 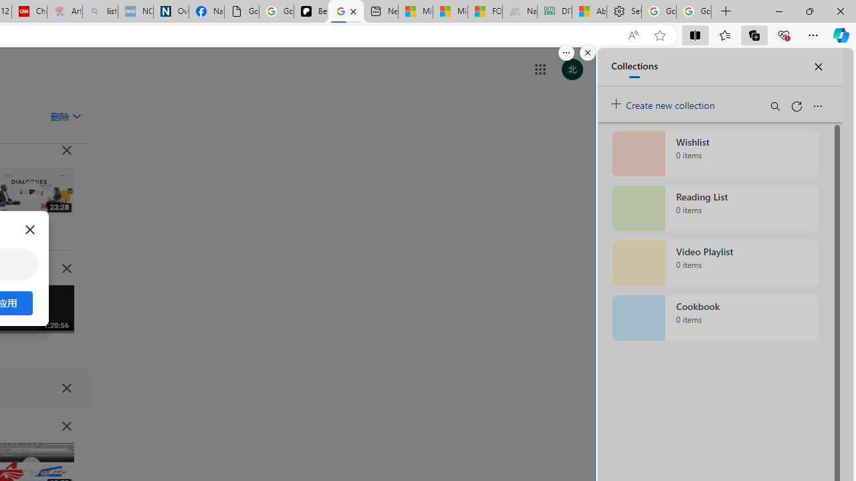 I want to click on 'Class: IVR0f NMm5M', so click(x=31, y=466).